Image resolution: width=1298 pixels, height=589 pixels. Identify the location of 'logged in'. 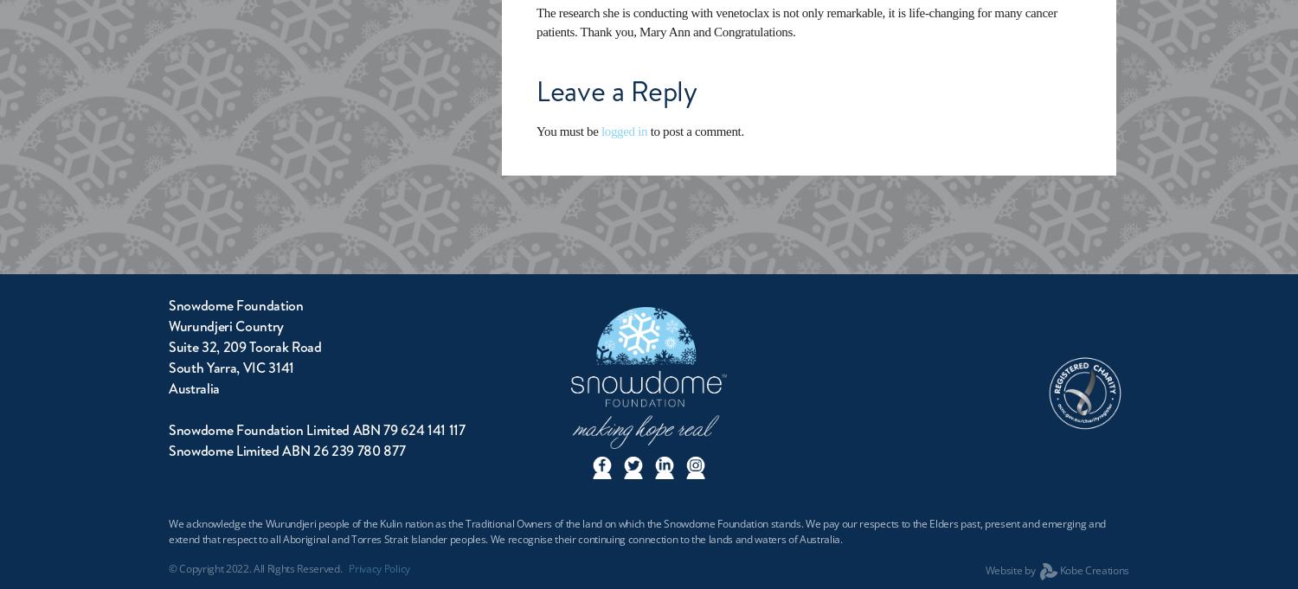
(623, 130).